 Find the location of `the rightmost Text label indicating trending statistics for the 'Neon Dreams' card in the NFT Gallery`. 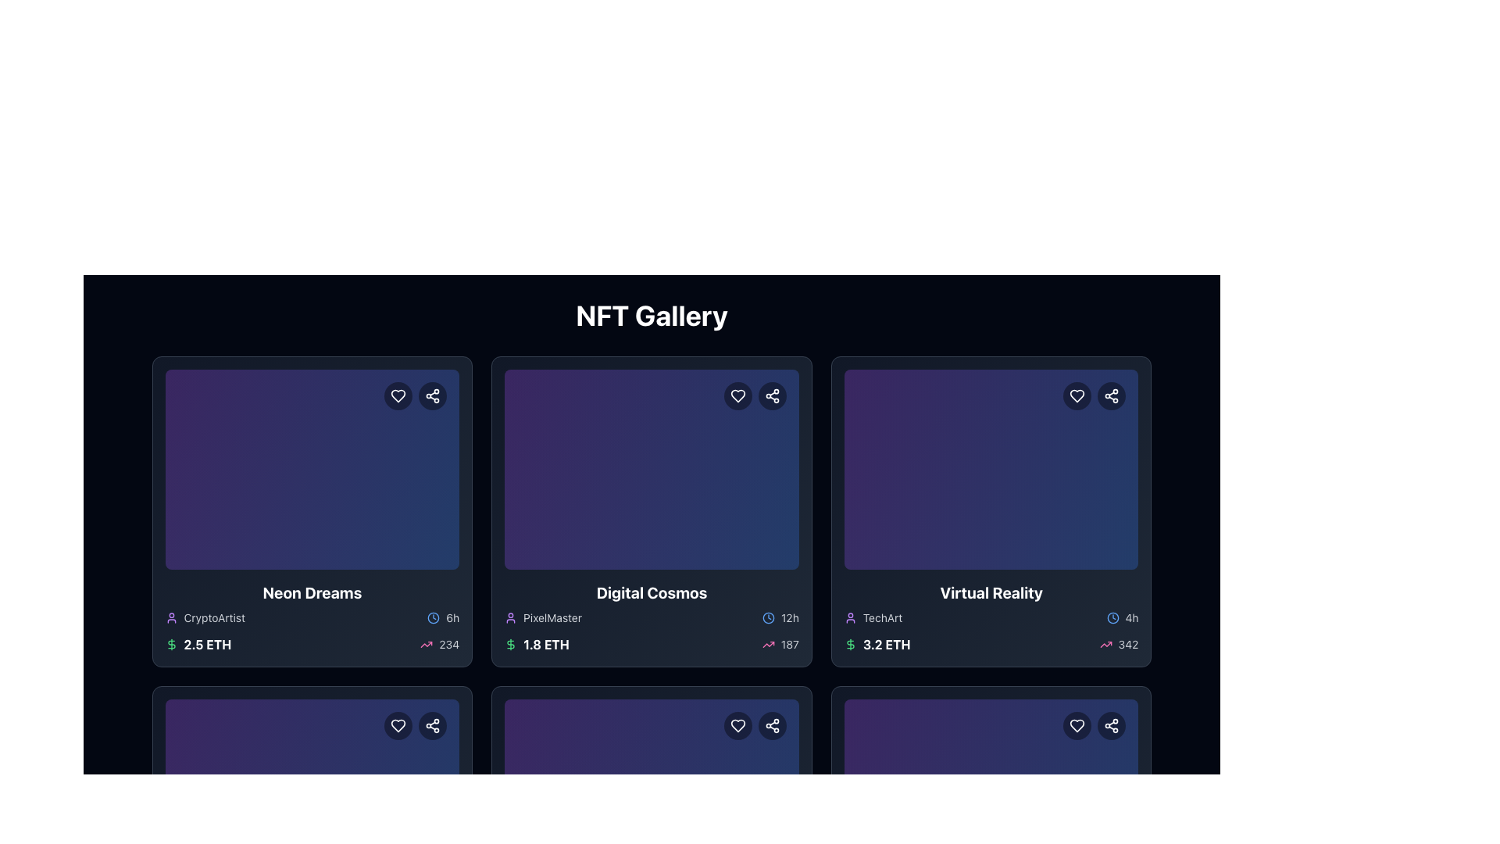

the rightmost Text label indicating trending statistics for the 'Neon Dreams' card in the NFT Gallery is located at coordinates (448, 645).